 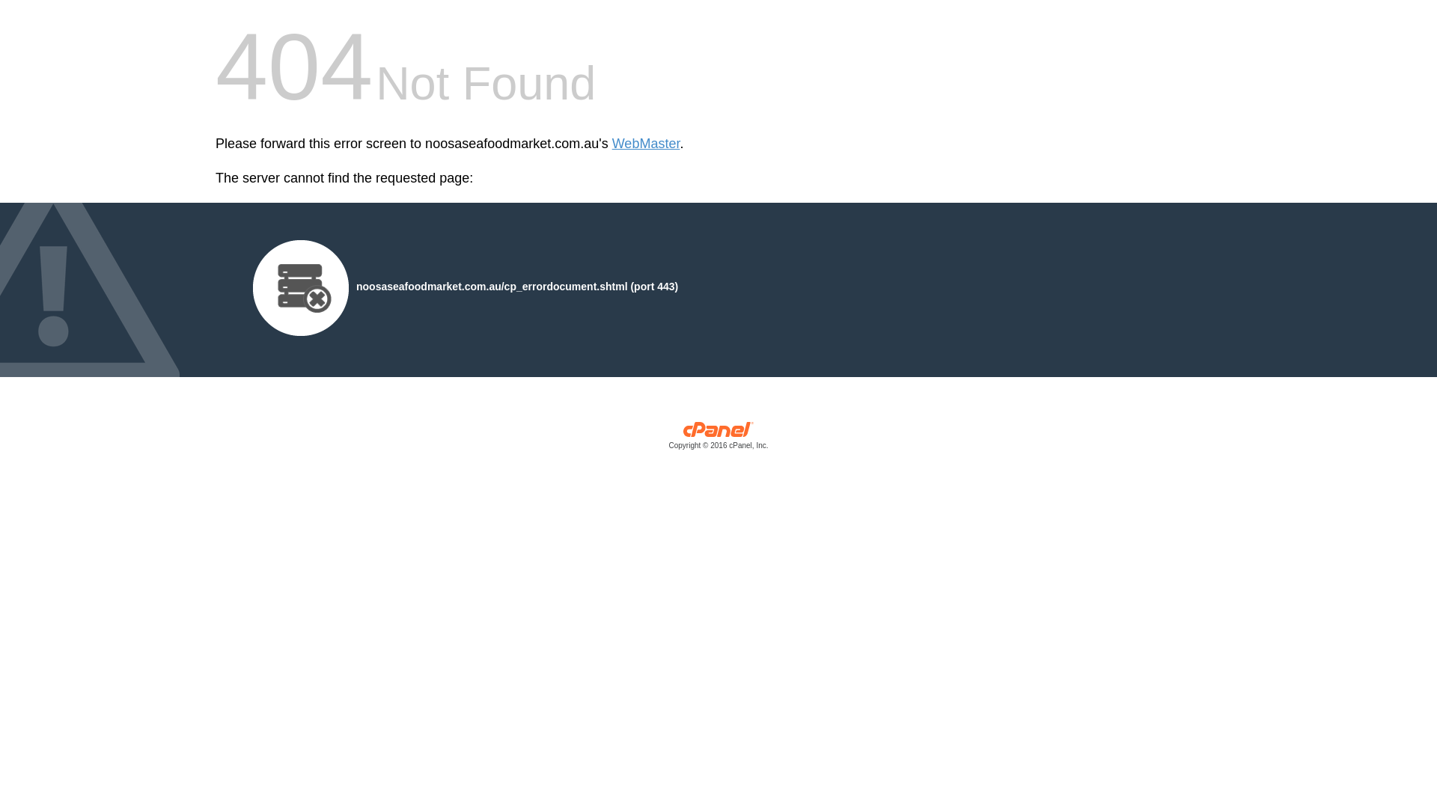 I want to click on 'WebMaster', so click(x=646, y=144).